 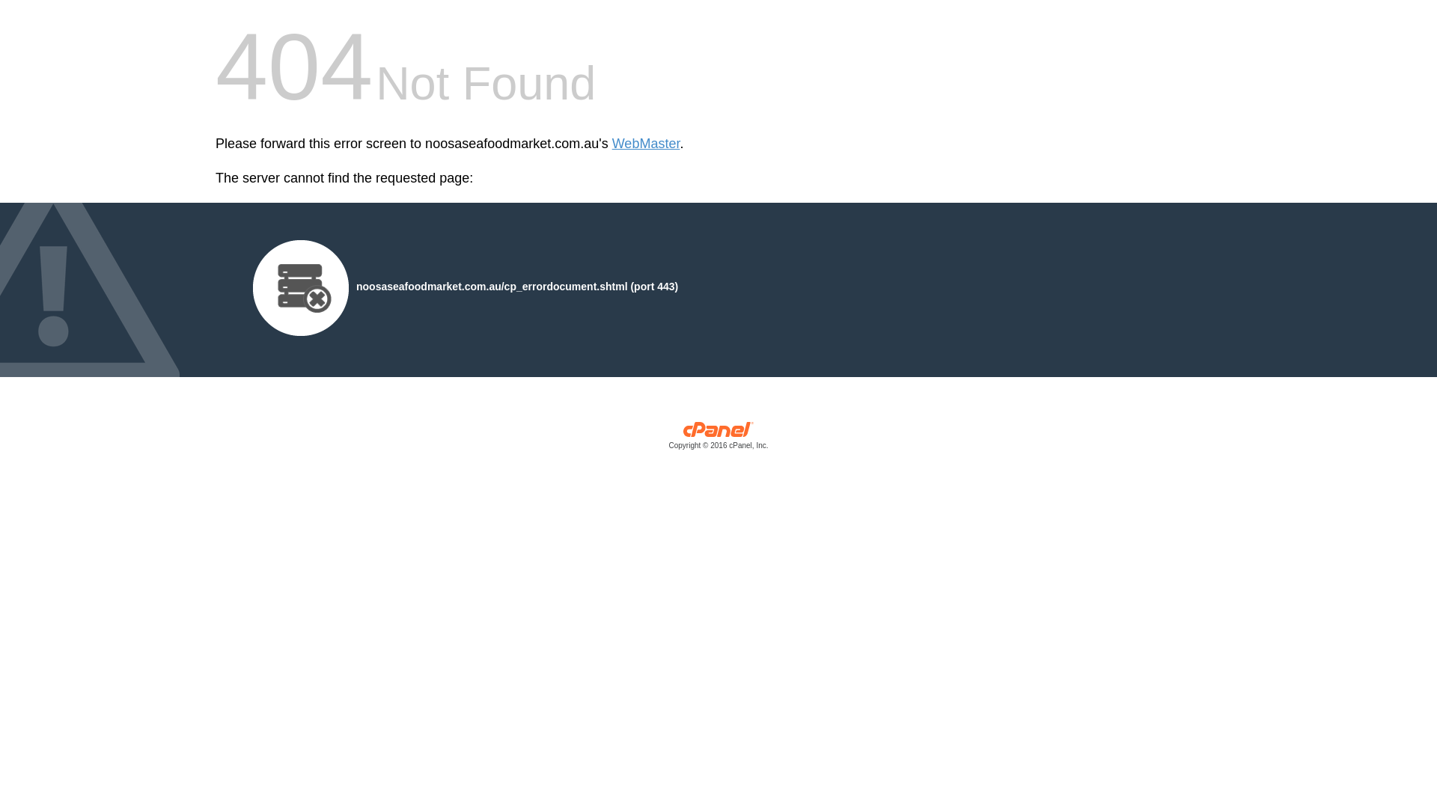 I want to click on 'WebMaster', so click(x=646, y=144).